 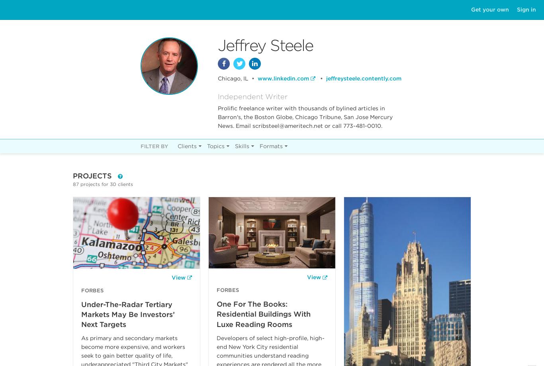 What do you see at coordinates (234, 145) in the screenshot?
I see `'Skills'` at bounding box center [234, 145].